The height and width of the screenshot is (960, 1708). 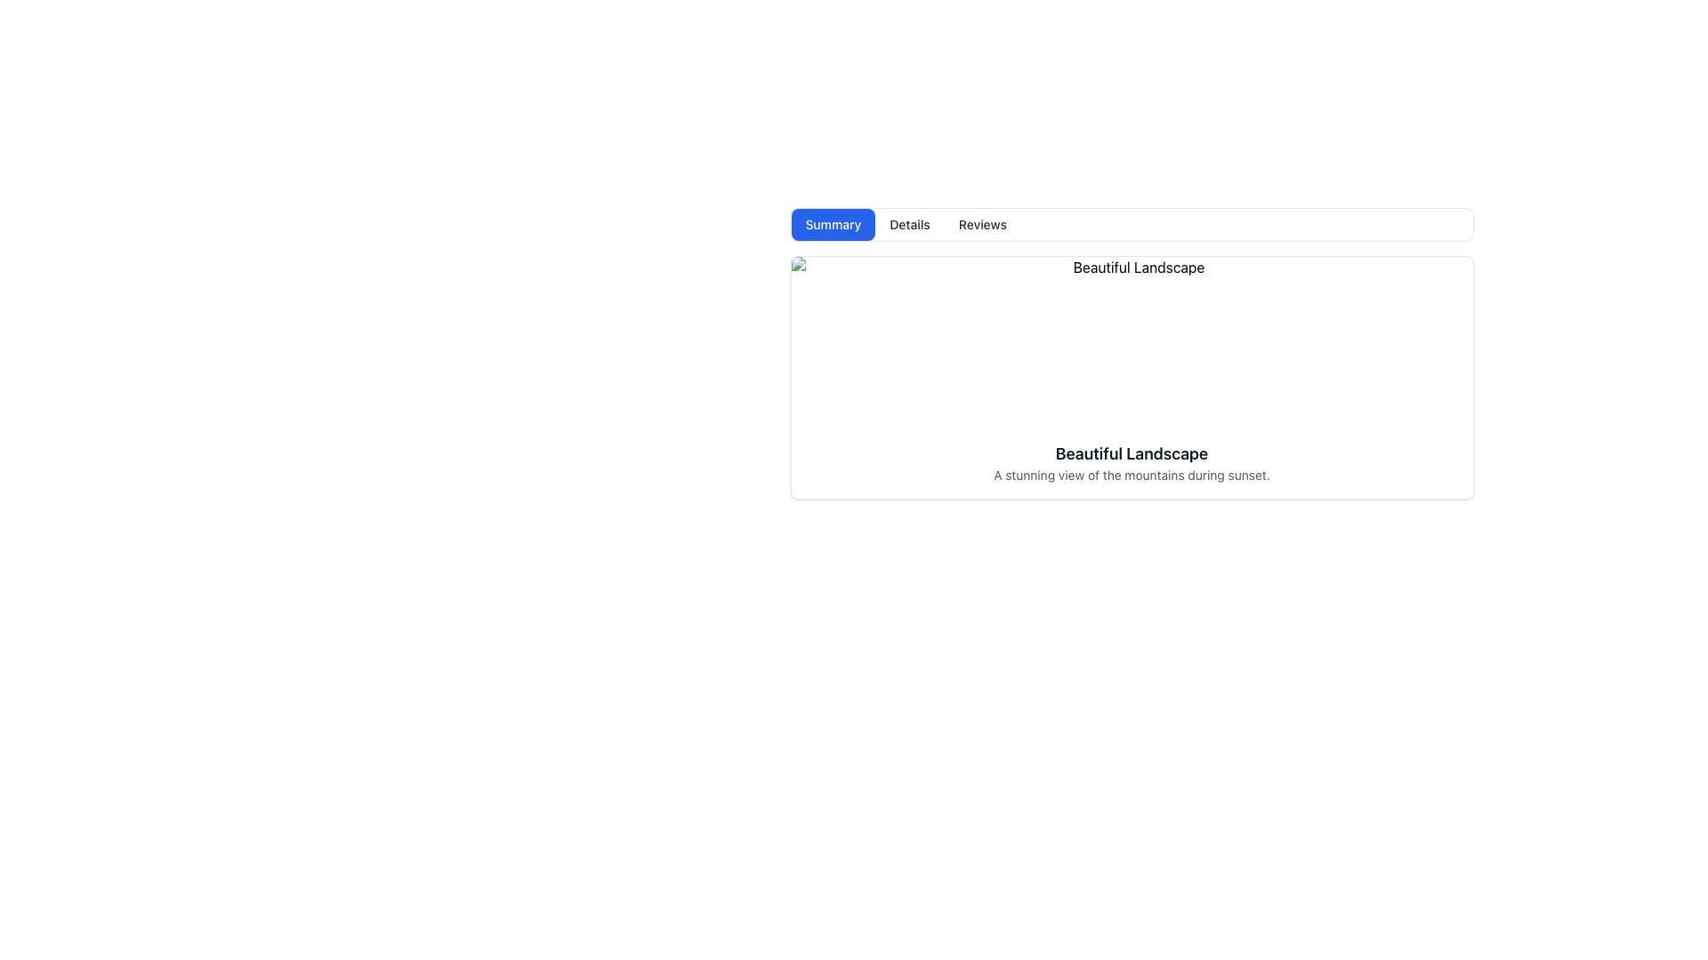 I want to click on the 'Summary' button, so click(x=832, y=224).